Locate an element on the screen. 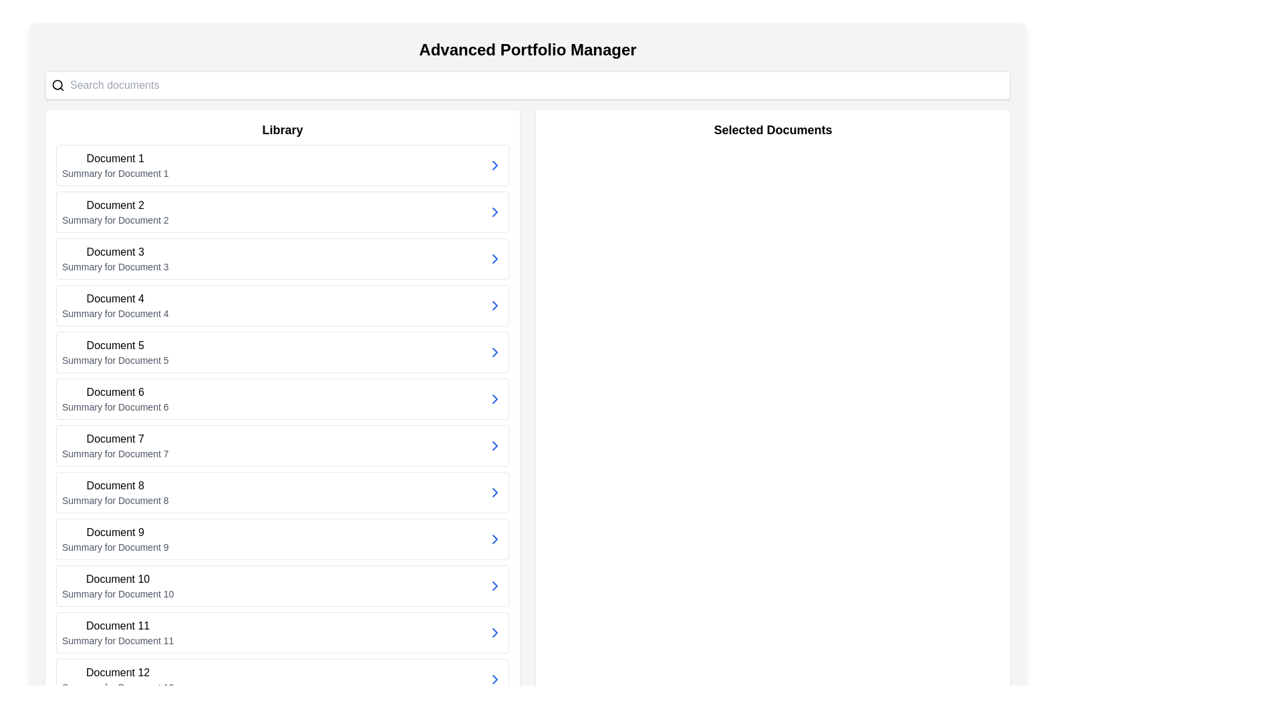 This screenshot has width=1283, height=721. the document entry in the Library section, which is the fourth item in the vertical list, located between 'Document 3' and 'Document 5' is located at coordinates (115, 306).